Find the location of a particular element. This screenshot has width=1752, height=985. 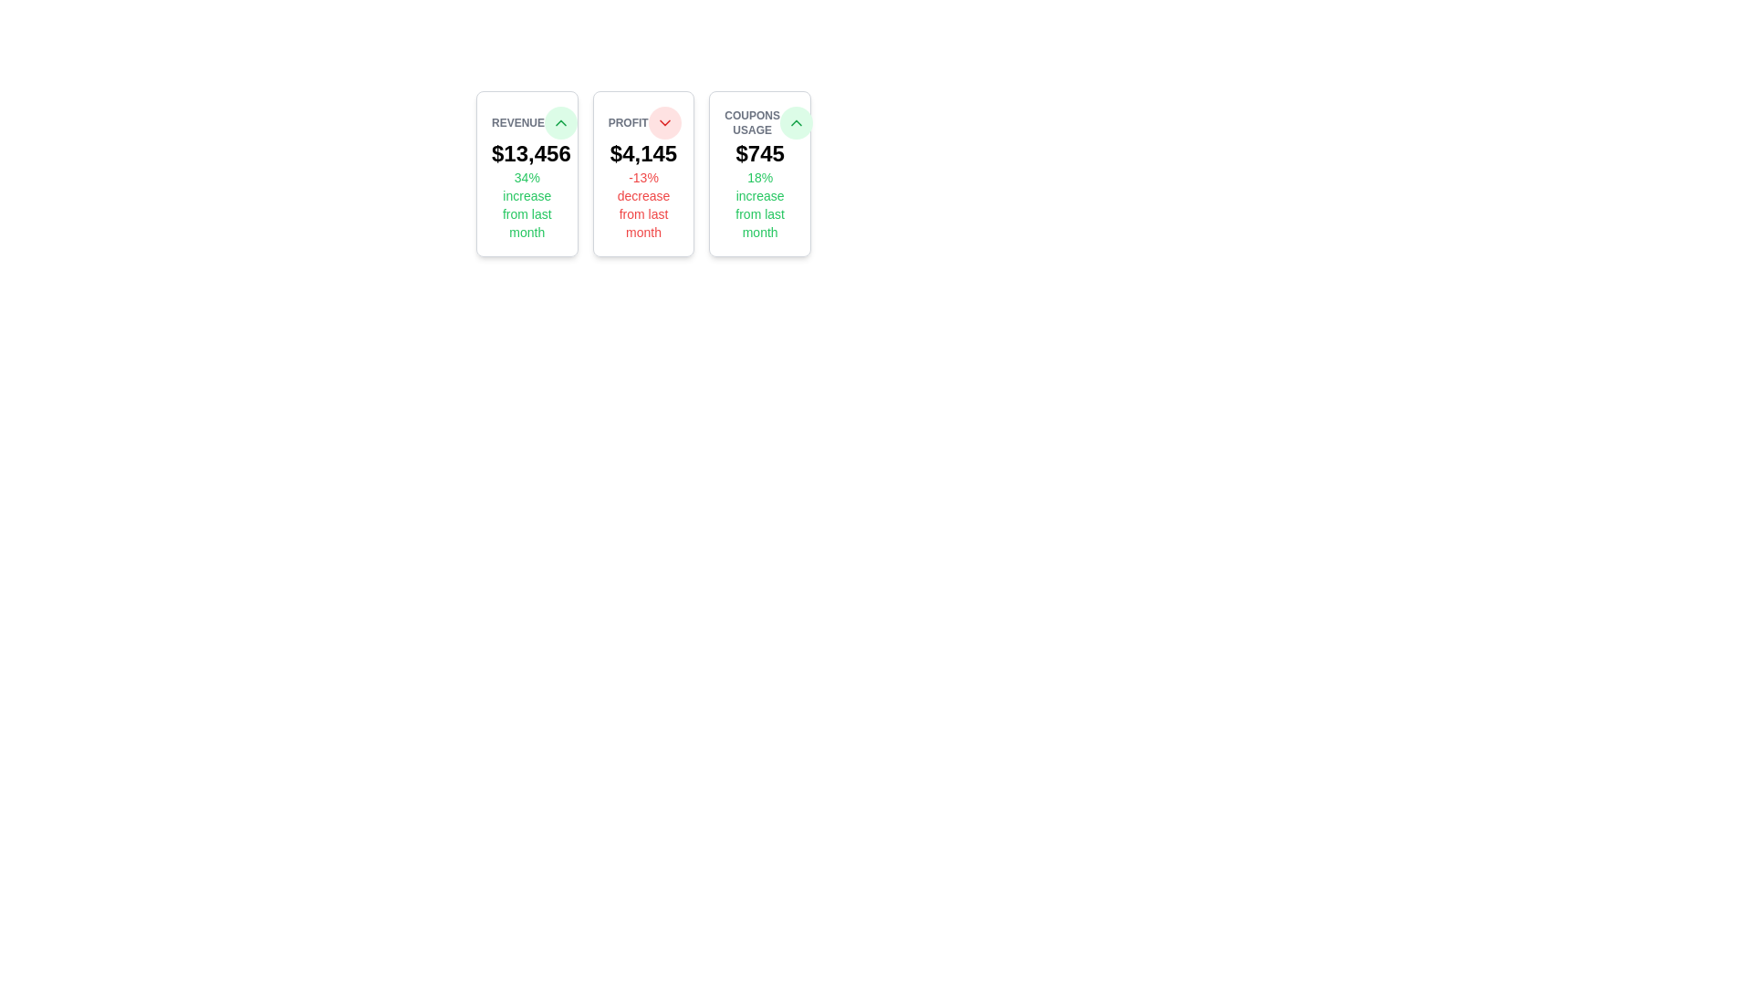

the text label displaying the percentage increase related to the revenue metric, located beneath the bold text '$13,456' is located at coordinates (526, 204).